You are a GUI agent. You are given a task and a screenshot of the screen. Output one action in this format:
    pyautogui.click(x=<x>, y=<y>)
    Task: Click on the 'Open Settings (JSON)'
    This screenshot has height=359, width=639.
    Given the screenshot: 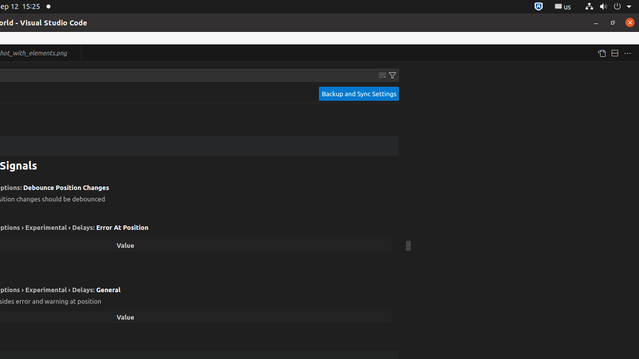 What is the action you would take?
    pyautogui.click(x=601, y=53)
    